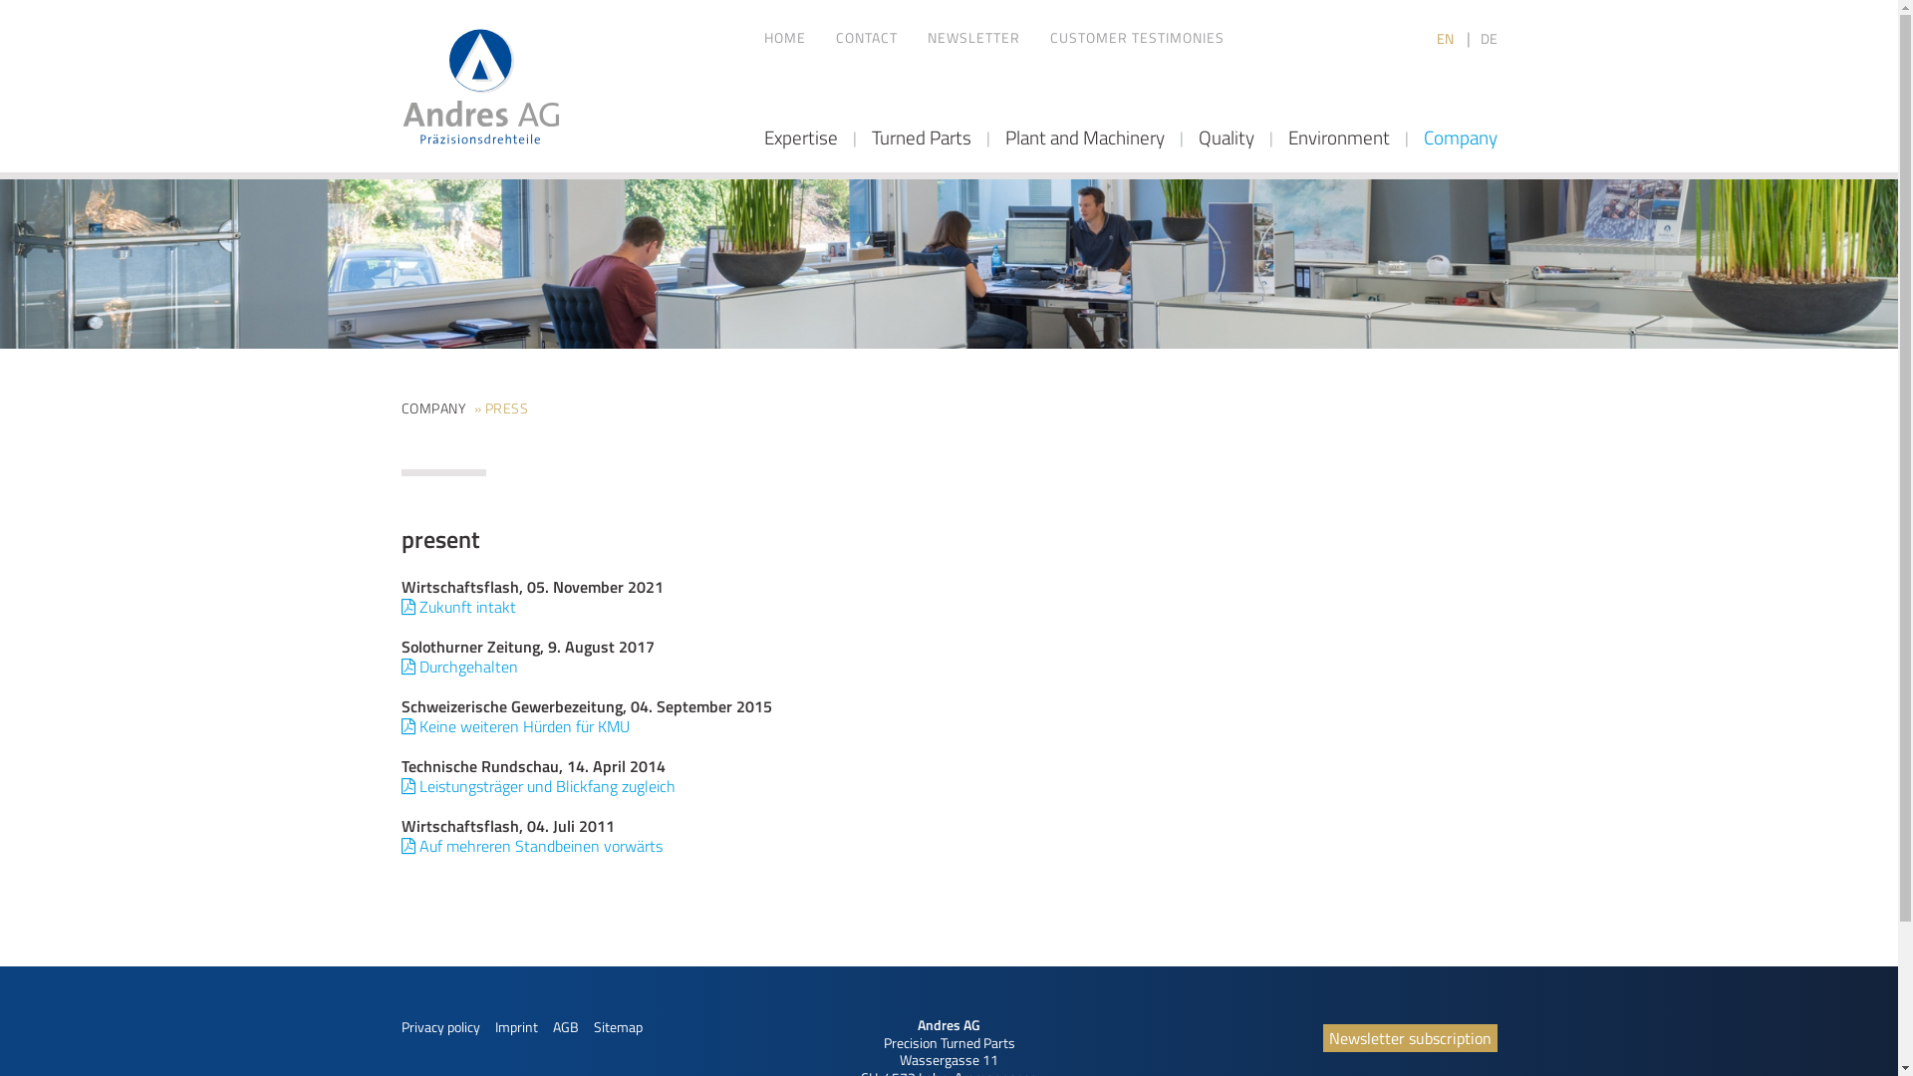  I want to click on 'Zukunft intakt', so click(456, 606).